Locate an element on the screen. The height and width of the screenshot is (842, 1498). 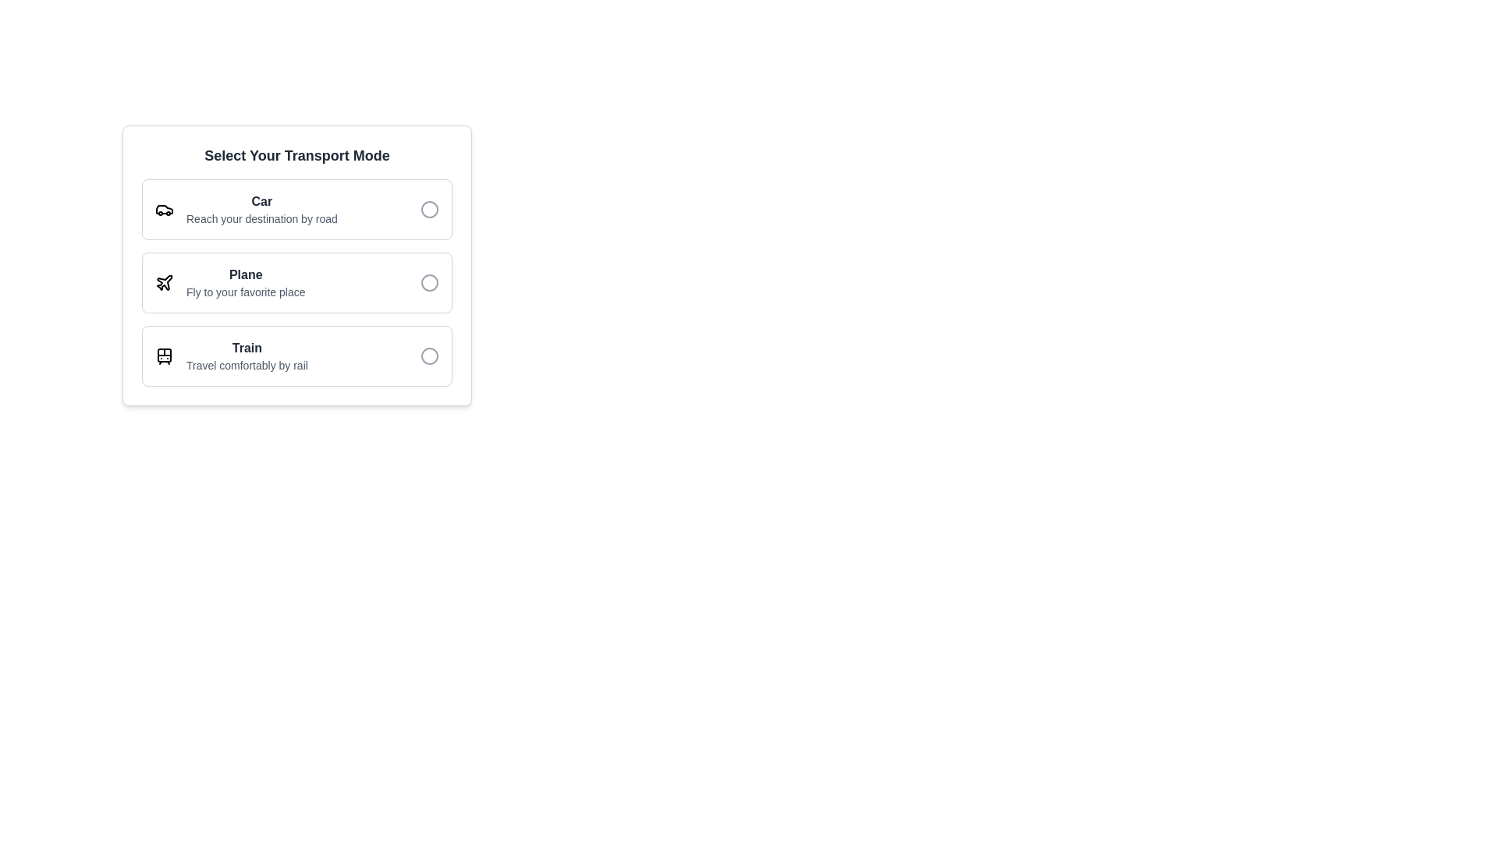
static text label that provides a description for the 'Car' transport mode option, located below the bold label 'Car' in the first selectable option of the vertical list is located at coordinates (261, 219).